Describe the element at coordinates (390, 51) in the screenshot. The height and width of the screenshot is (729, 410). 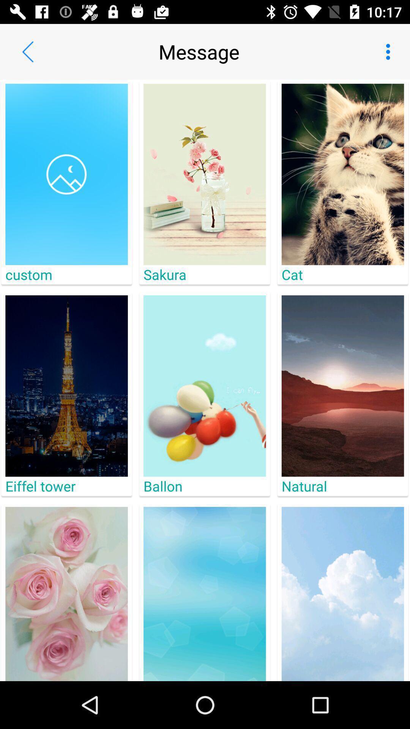
I see `the item to the right of the message item` at that location.